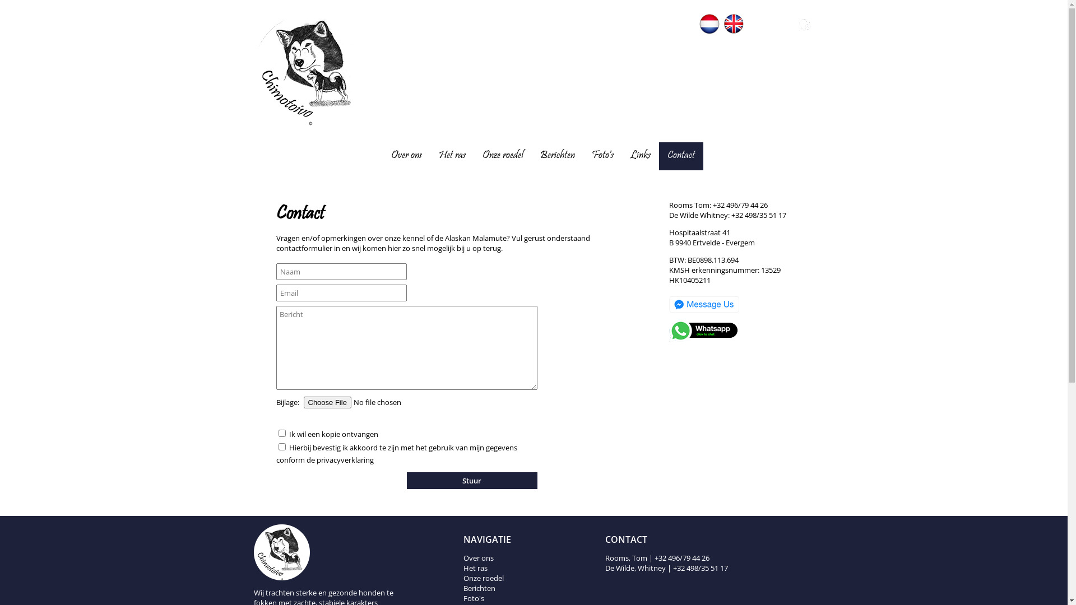  Describe the element at coordinates (484, 578) in the screenshot. I see `'Onze roedel'` at that location.